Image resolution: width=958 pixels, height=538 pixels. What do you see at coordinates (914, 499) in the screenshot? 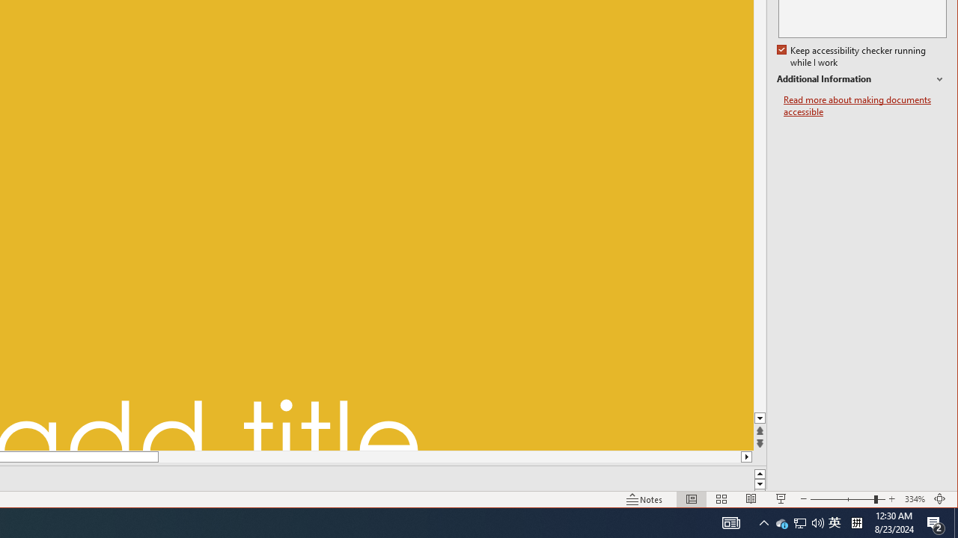
I see `'Zoom 334%'` at bounding box center [914, 499].